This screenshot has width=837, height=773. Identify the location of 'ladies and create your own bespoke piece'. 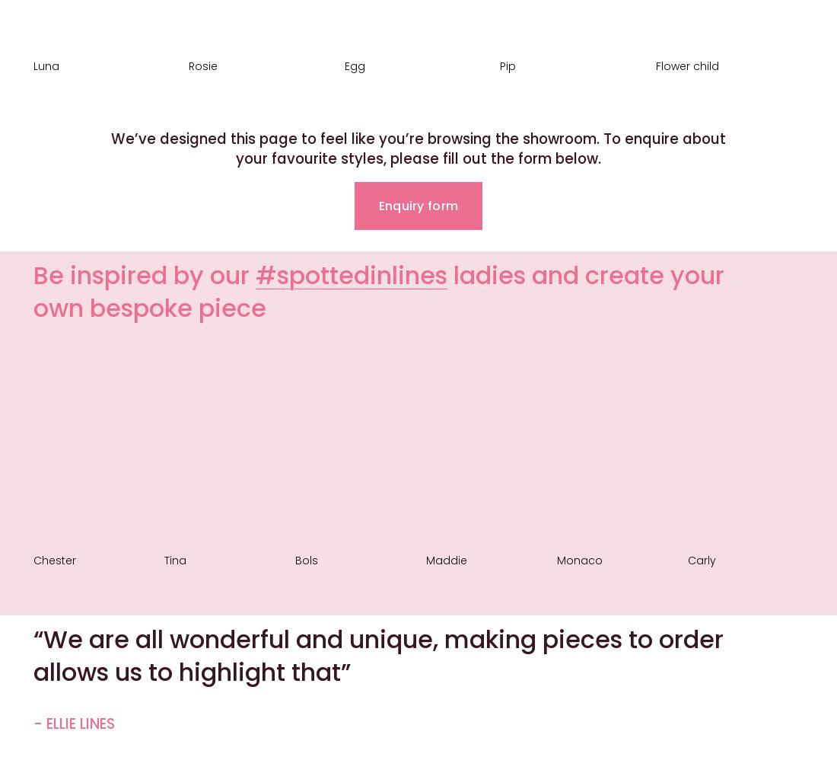
(382, 291).